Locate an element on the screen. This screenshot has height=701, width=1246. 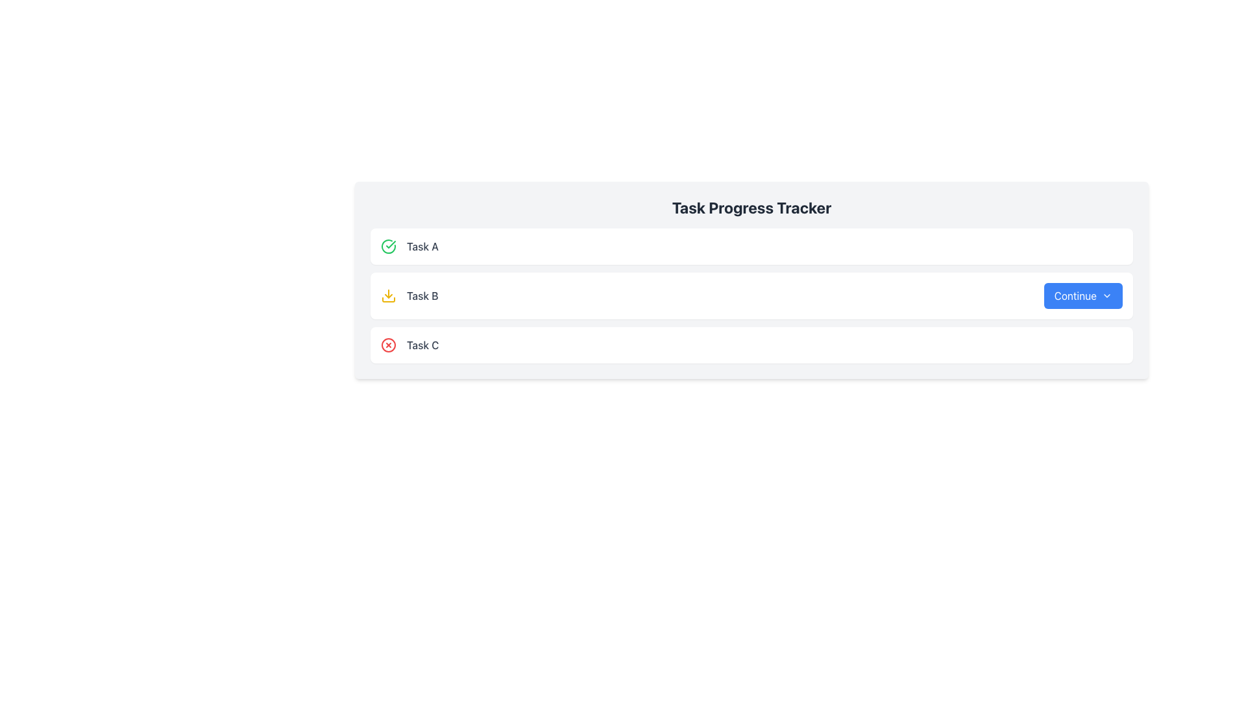
the circular green outlined icon with a checkmark located to the left of 'Task A' in the task row is located at coordinates (388, 247).